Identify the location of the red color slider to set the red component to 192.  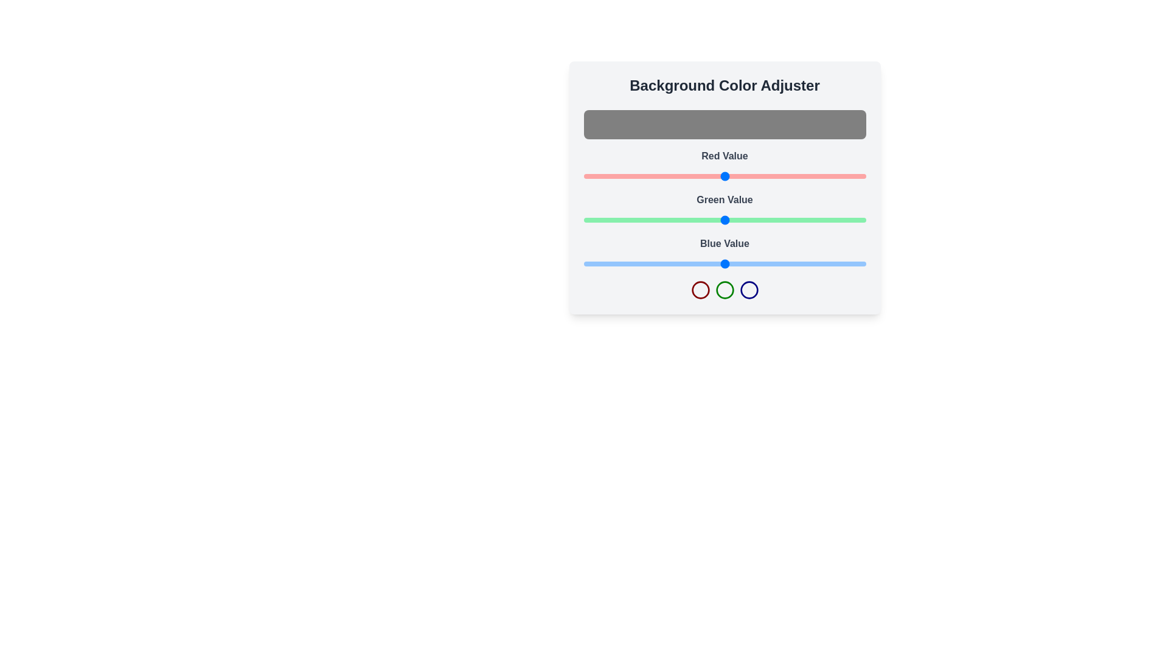
(796, 176).